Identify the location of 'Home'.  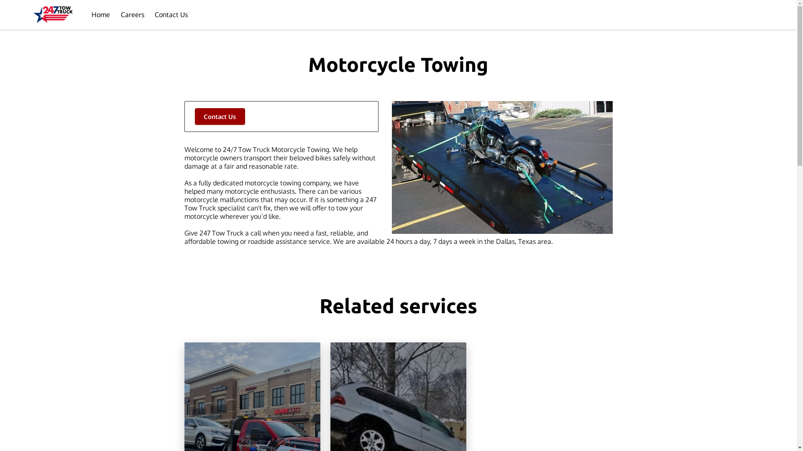
(100, 14).